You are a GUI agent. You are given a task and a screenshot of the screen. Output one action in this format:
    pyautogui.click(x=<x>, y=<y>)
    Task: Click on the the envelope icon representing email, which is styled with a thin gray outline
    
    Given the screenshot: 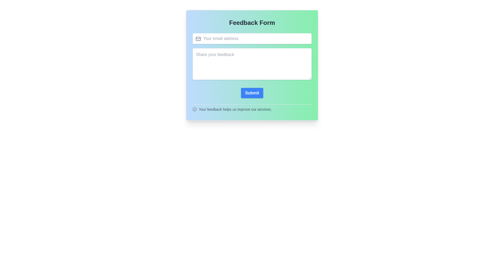 What is the action you would take?
    pyautogui.click(x=198, y=39)
    